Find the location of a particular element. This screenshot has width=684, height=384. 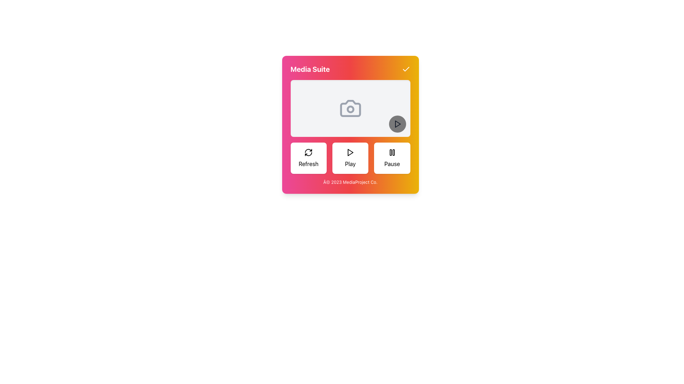

the playback button located in the button row at the bottom of the card interface to initiate playback functionalities is located at coordinates (350, 158).